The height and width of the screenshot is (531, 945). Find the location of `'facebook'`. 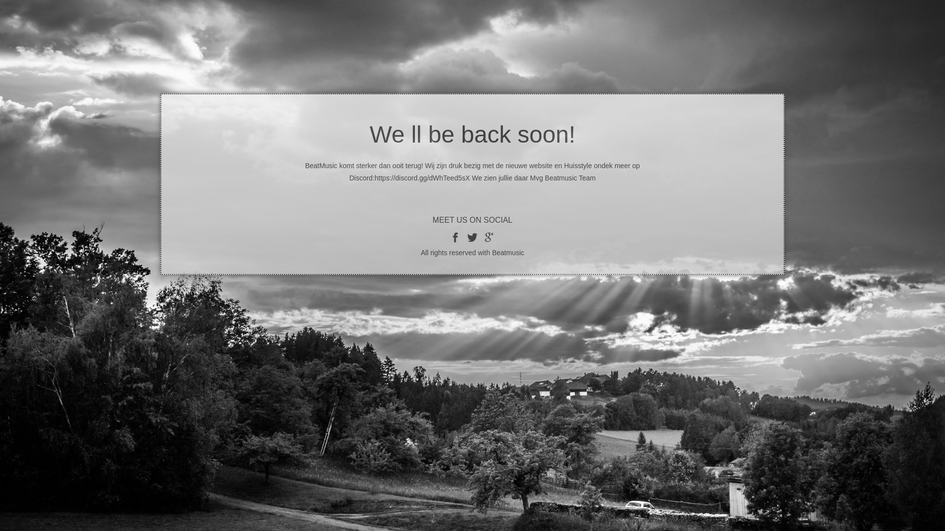

'facebook' is located at coordinates (455, 237).